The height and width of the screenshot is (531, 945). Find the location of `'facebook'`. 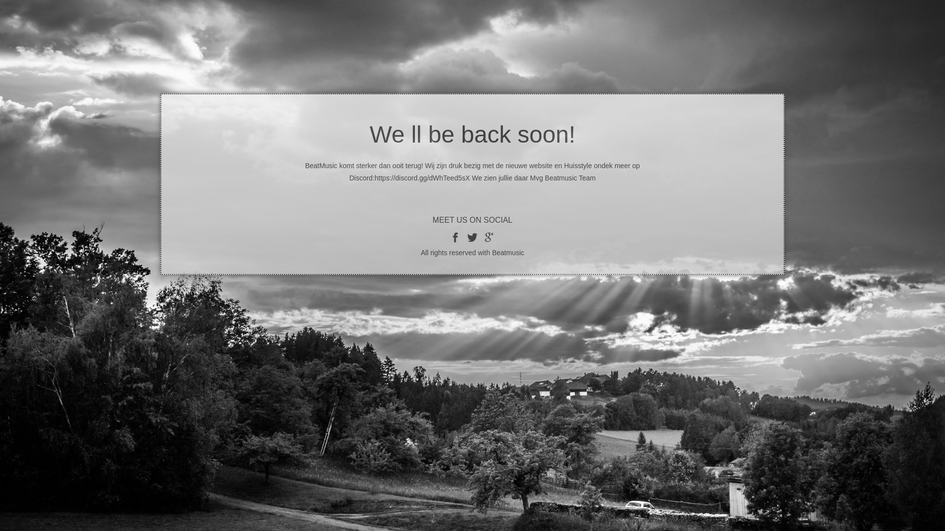

'facebook' is located at coordinates (455, 237).